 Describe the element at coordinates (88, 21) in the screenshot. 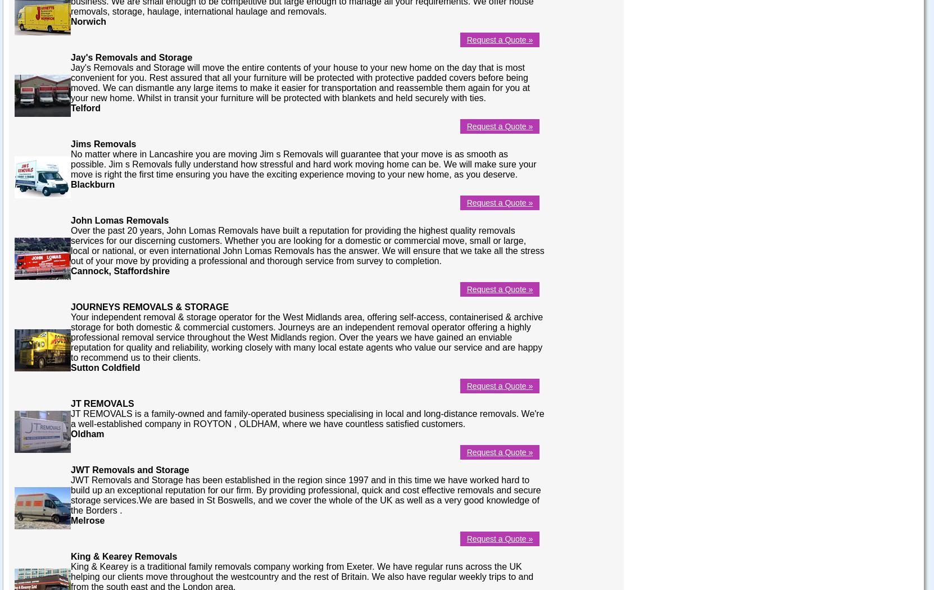

I see `'Norwich'` at that location.